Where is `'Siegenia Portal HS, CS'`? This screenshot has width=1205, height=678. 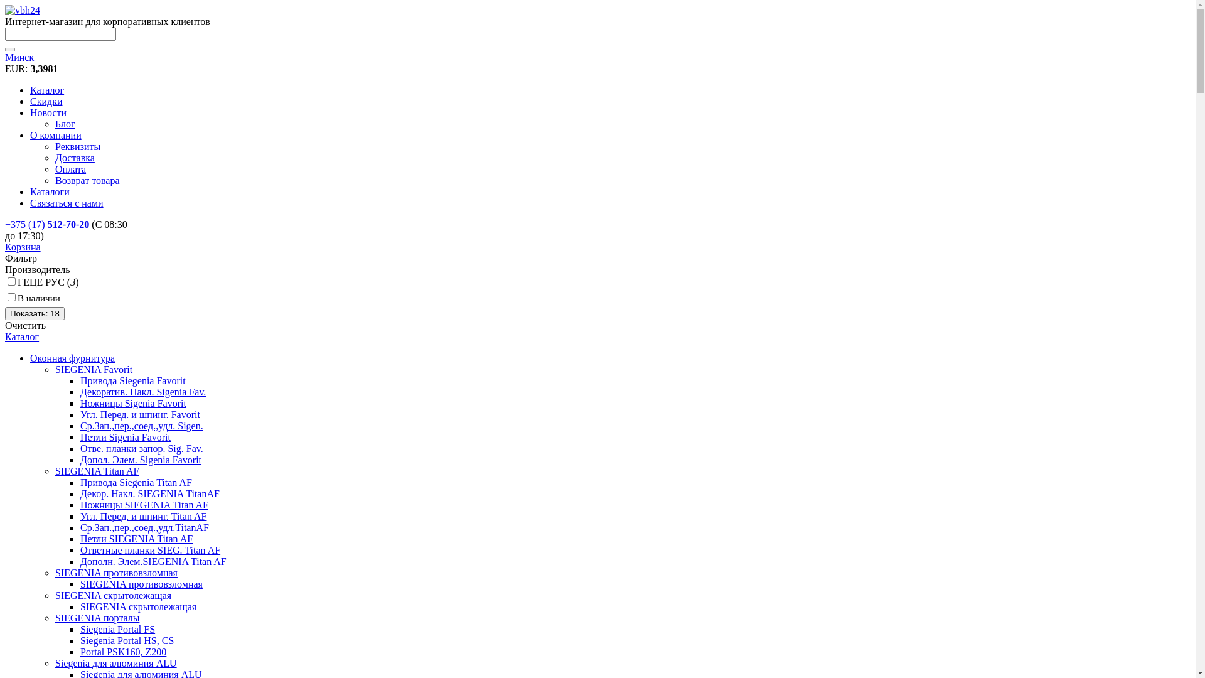
'Siegenia Portal HS, CS' is located at coordinates (127, 640).